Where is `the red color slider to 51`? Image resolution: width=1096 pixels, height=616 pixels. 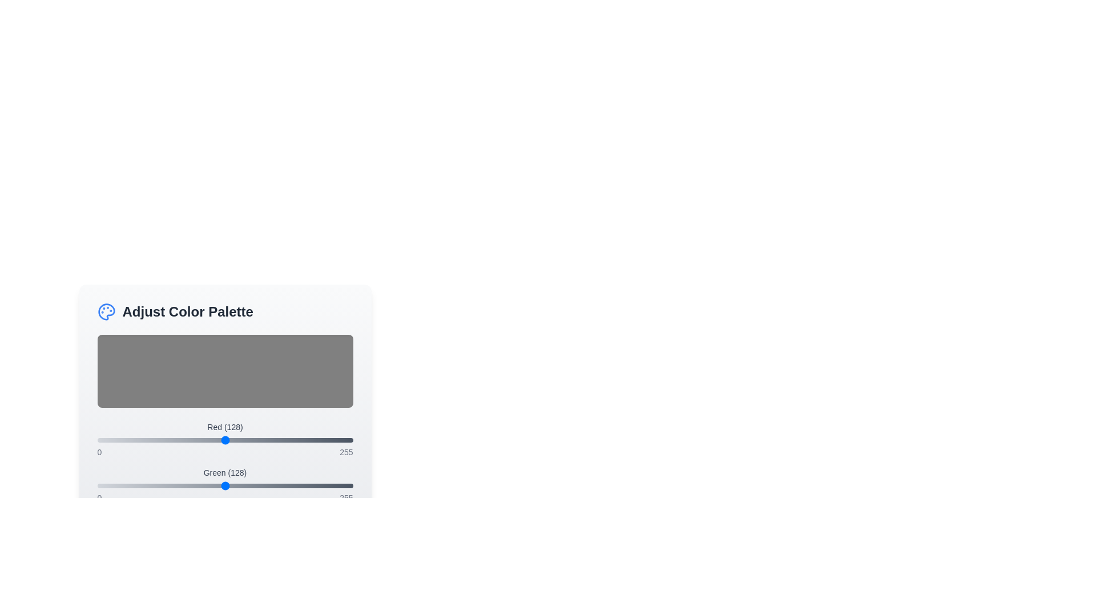 the red color slider to 51 is located at coordinates (148, 439).